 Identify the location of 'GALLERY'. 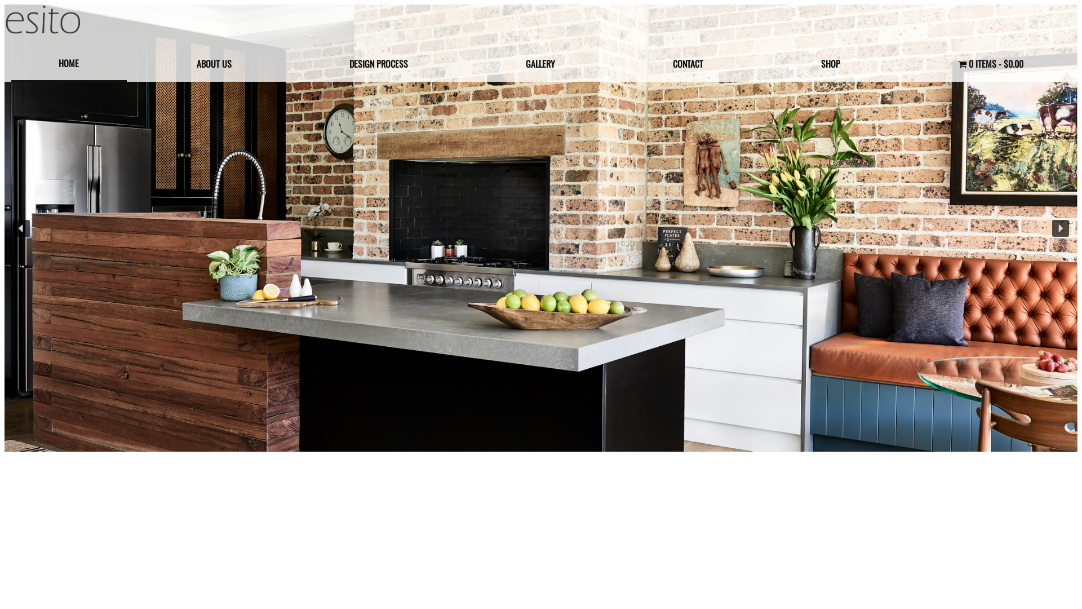
(540, 63).